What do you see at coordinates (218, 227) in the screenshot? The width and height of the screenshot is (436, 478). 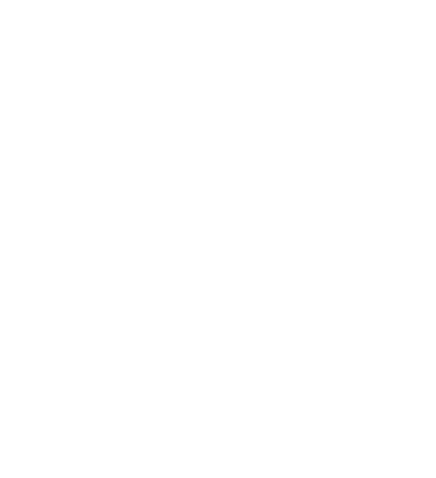 I see `'/'` at bounding box center [218, 227].